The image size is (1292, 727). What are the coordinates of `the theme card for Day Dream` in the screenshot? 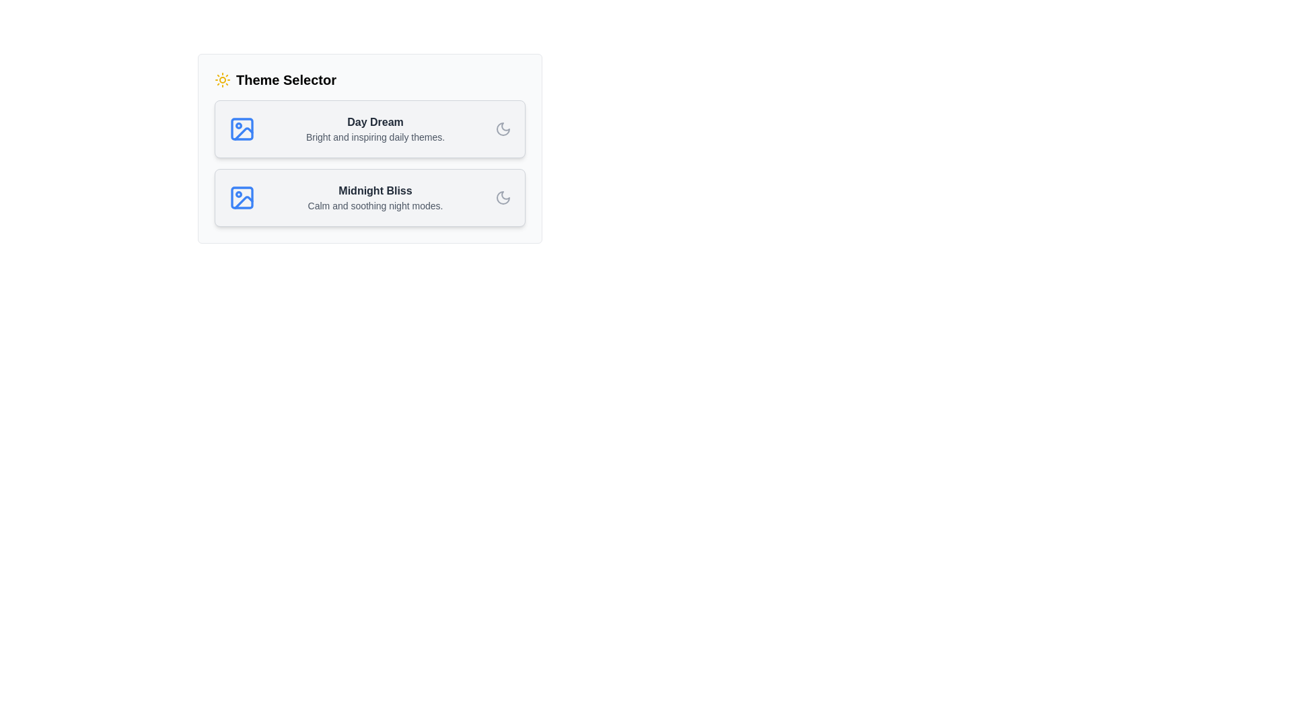 It's located at (370, 129).